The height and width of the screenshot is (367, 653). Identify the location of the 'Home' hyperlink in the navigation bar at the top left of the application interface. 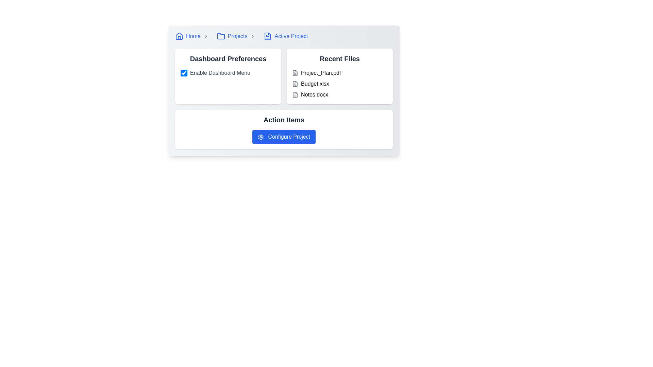
(188, 36).